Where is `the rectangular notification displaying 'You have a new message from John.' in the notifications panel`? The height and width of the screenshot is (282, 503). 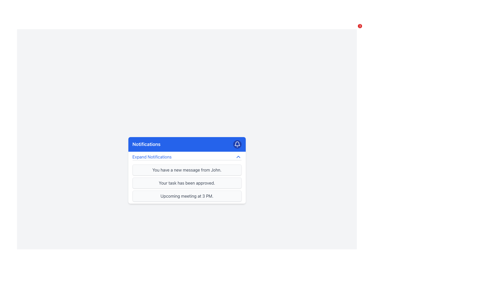 the rectangular notification displaying 'You have a new message from John.' in the notifications panel is located at coordinates (187, 170).